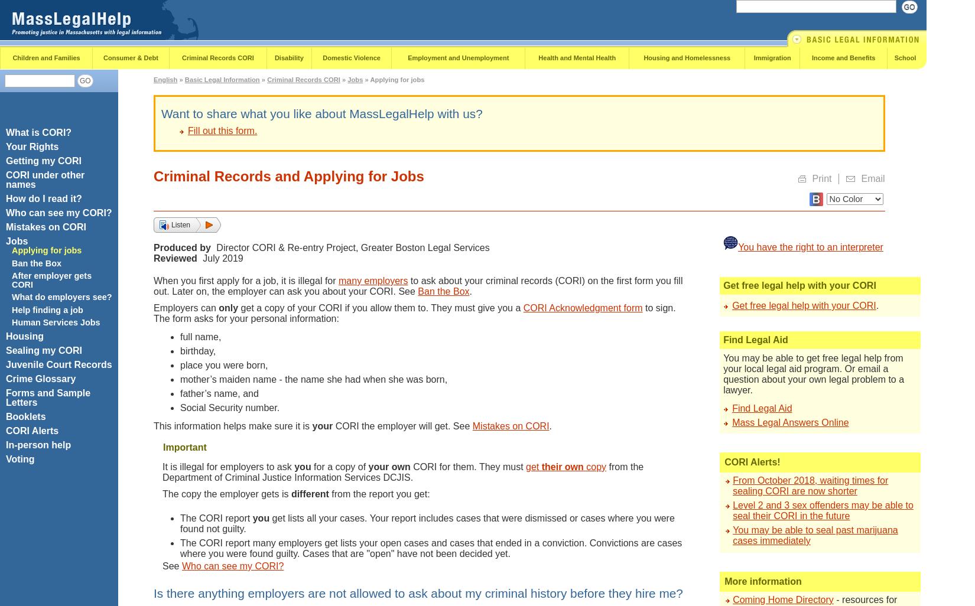 This screenshot has width=975, height=606. Describe the element at coordinates (217, 57) in the screenshot. I see `'Criminal Records CORI'` at that location.